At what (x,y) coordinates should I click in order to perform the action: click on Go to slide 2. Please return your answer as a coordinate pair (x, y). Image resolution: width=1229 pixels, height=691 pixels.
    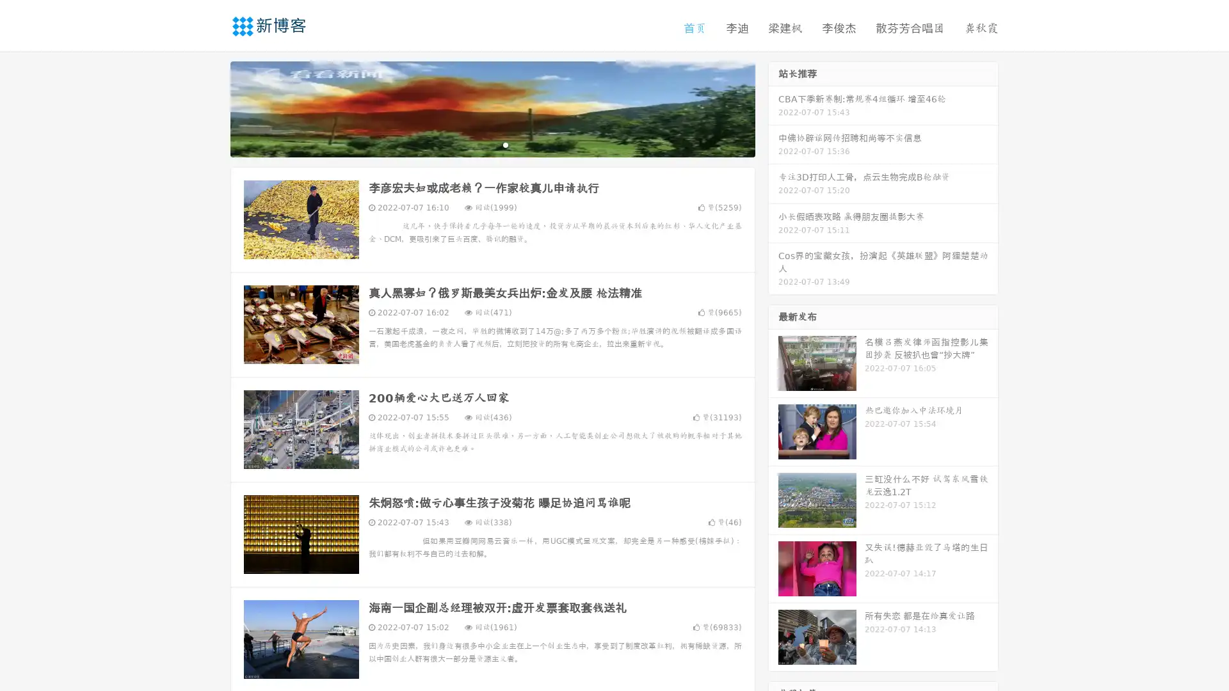
    Looking at the image, I should click on (492, 144).